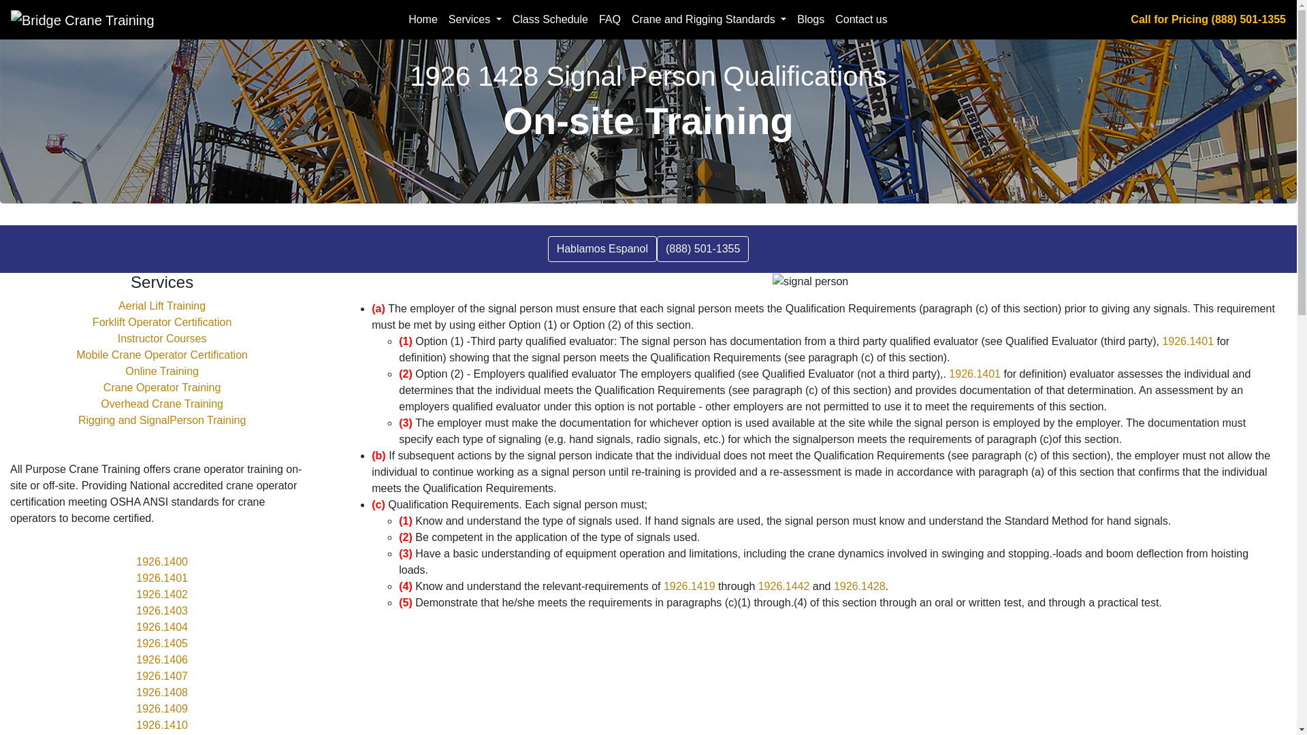 The width and height of the screenshot is (1307, 735). I want to click on 'Class Schedule', so click(550, 20).